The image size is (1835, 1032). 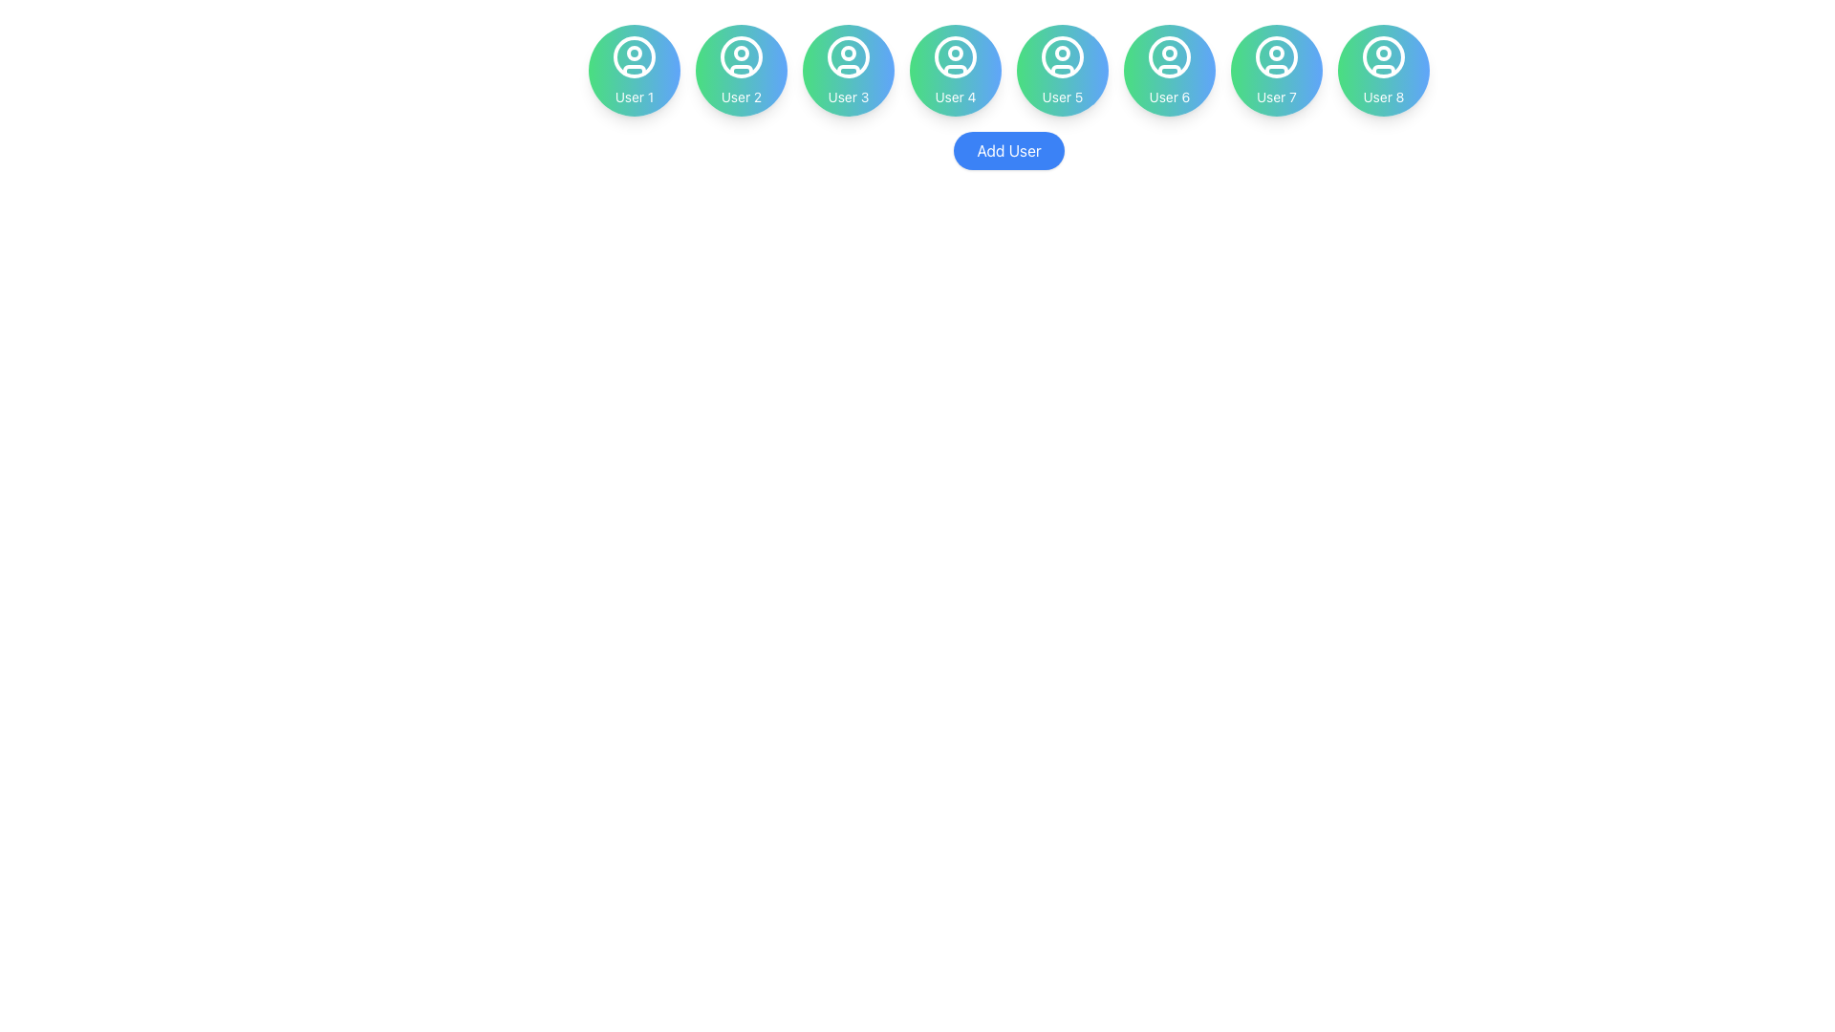 I want to click on the user button labeled 'User 1', so click(x=634, y=69).